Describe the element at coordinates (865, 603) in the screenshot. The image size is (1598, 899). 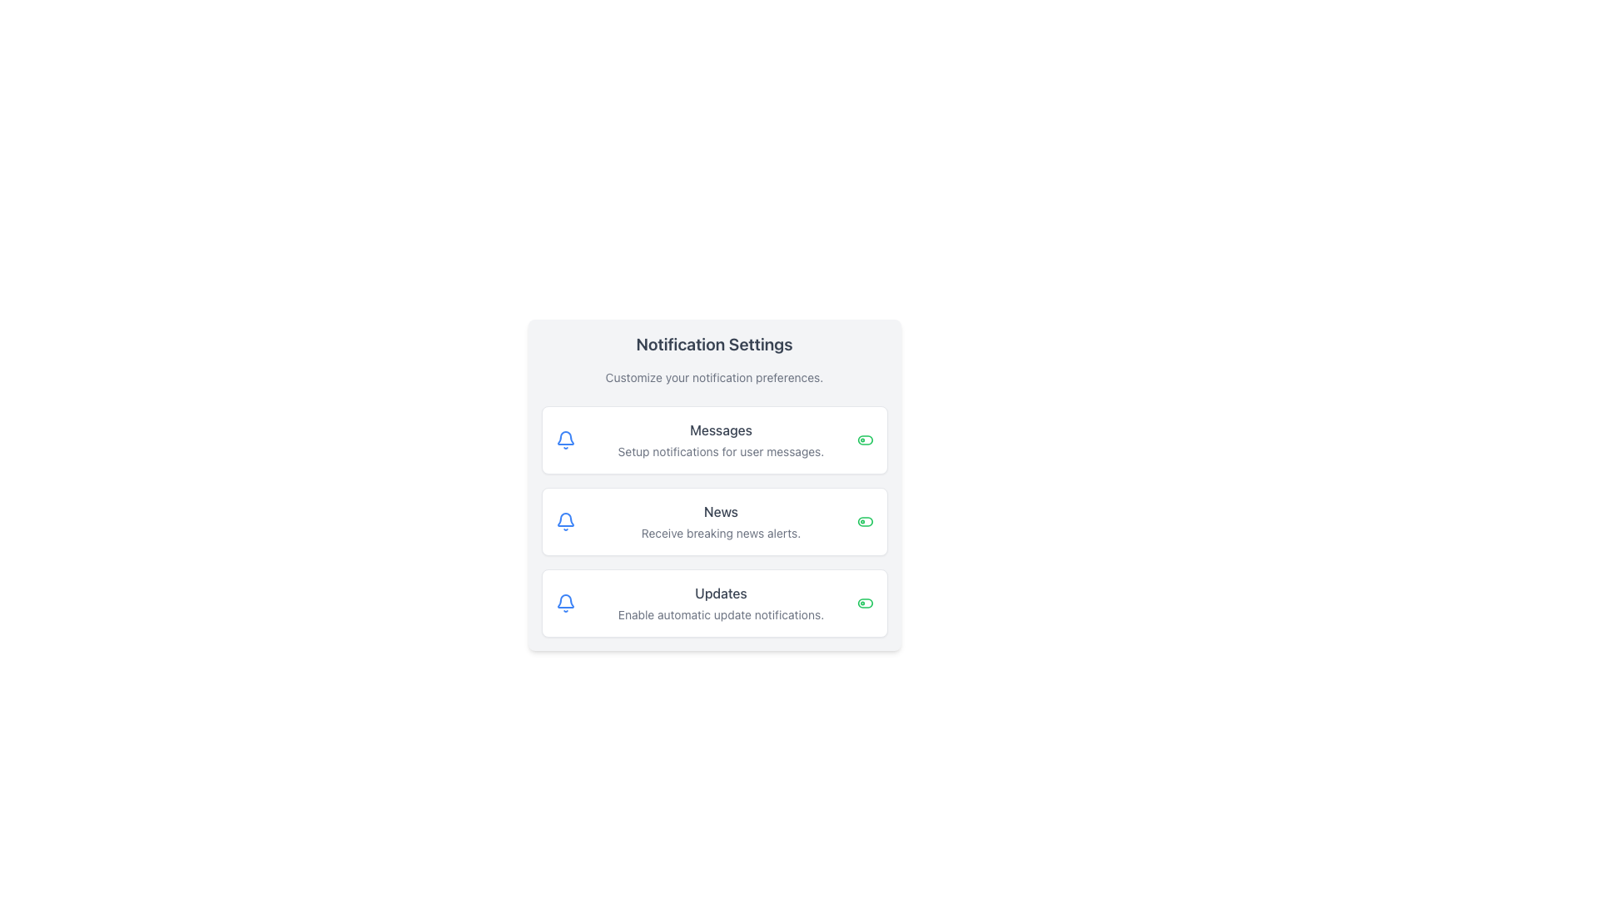
I see `the toggle switch for automatic update notifications located at the far right of the 'Updates' section in the notification settings` at that location.